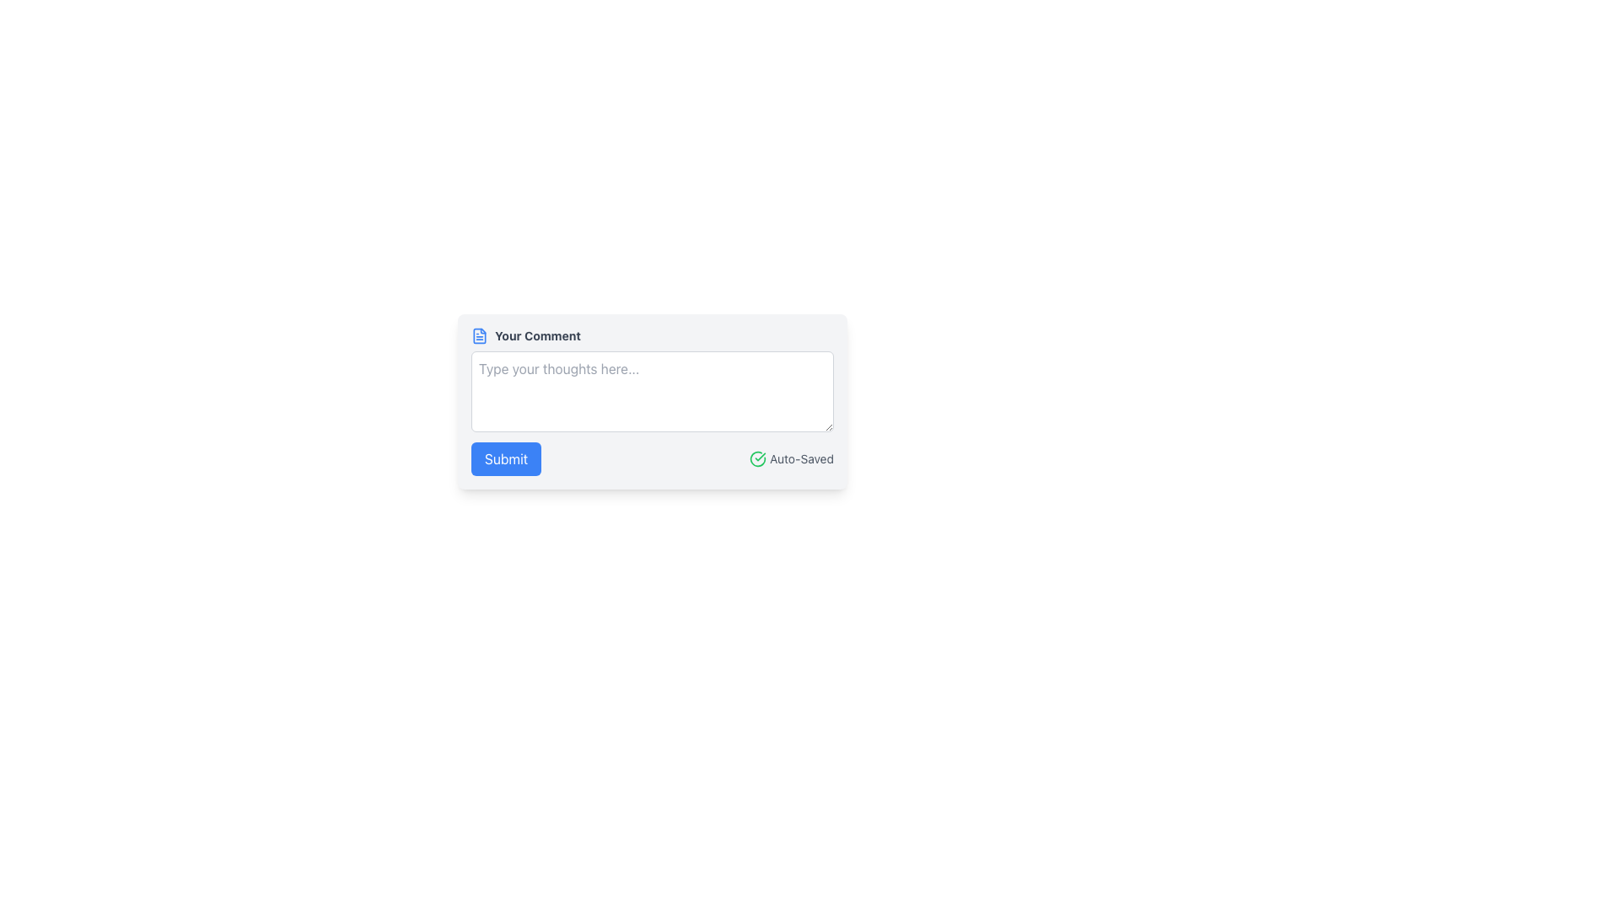 The image size is (1619, 910). I want to click on the label element that serves as a heading for the text input field, located above the input field and adjacent to an icon, so click(537, 335).